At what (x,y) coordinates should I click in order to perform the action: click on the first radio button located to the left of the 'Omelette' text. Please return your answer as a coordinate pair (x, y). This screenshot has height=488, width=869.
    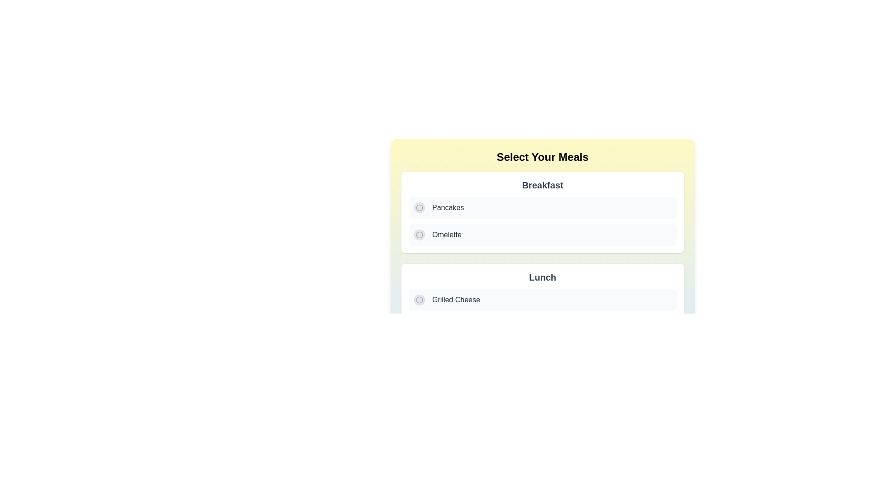
    Looking at the image, I should click on (419, 235).